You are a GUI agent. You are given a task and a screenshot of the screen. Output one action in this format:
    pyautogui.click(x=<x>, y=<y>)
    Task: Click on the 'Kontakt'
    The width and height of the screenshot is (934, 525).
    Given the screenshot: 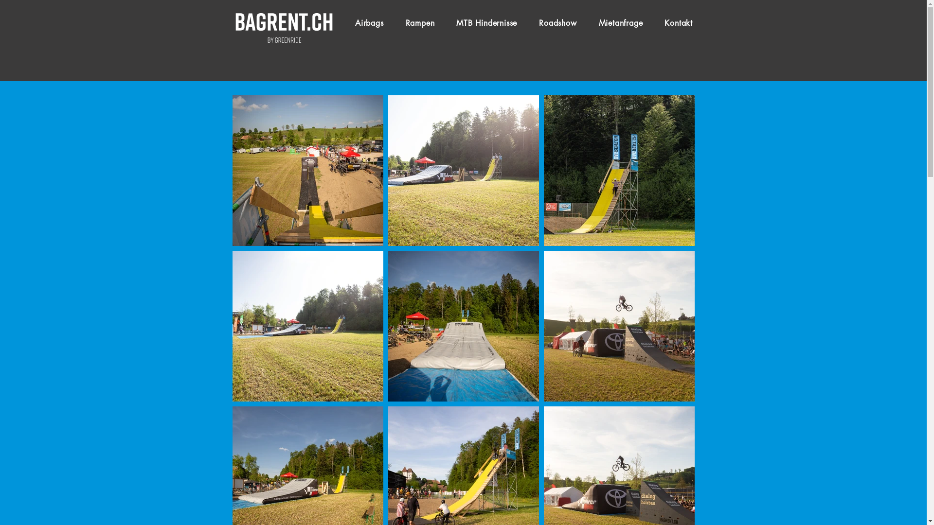 What is the action you would take?
    pyautogui.click(x=678, y=22)
    